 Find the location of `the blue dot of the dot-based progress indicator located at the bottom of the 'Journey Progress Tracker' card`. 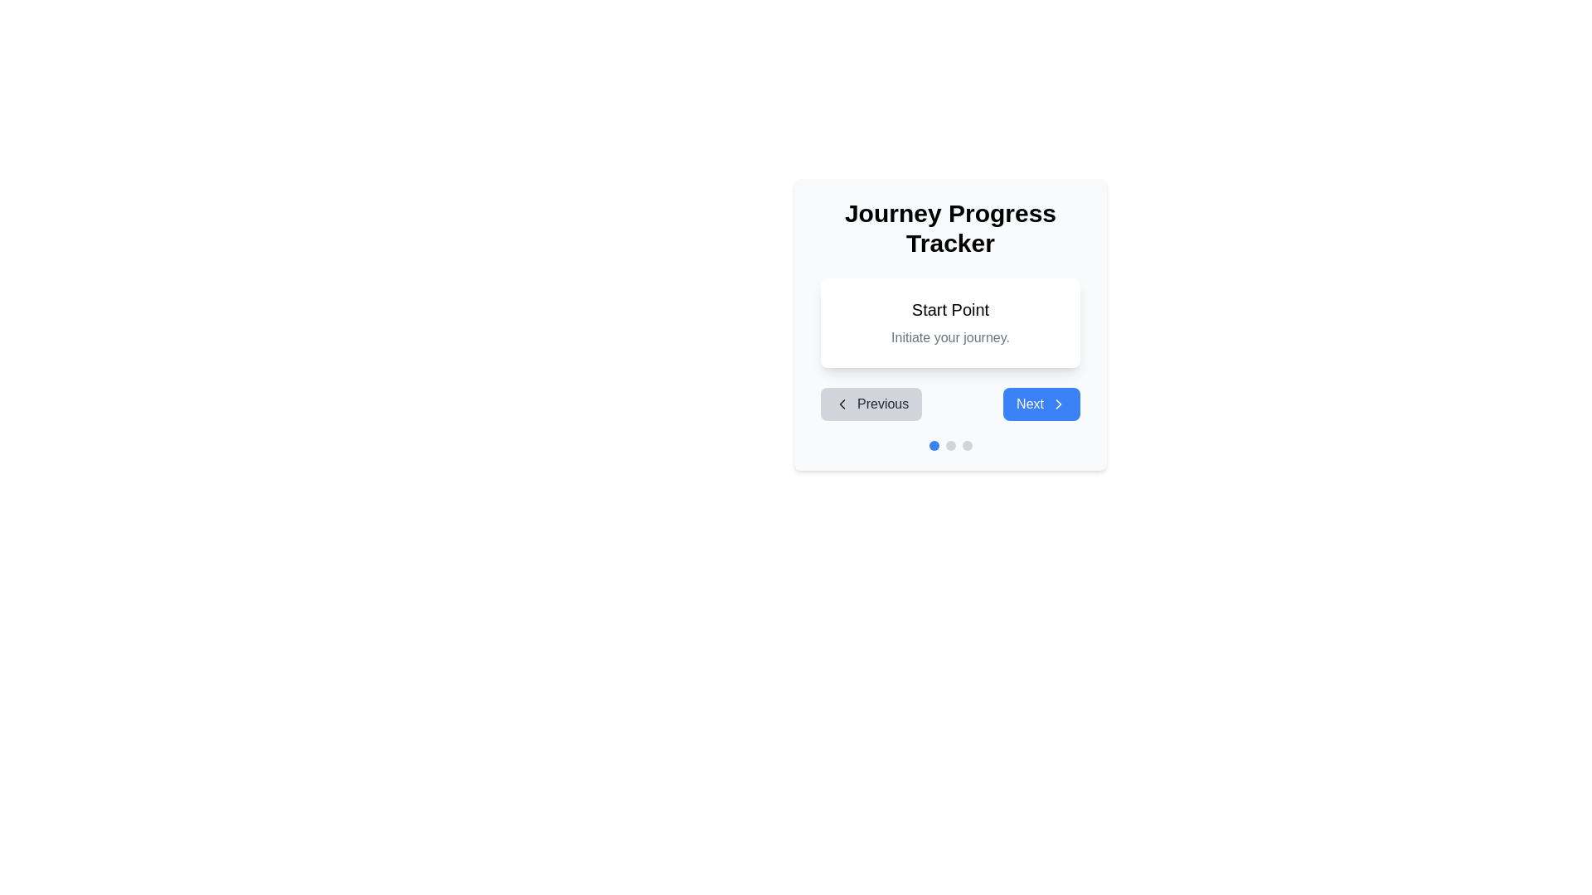

the blue dot of the dot-based progress indicator located at the bottom of the 'Journey Progress Tracker' card is located at coordinates (950, 444).